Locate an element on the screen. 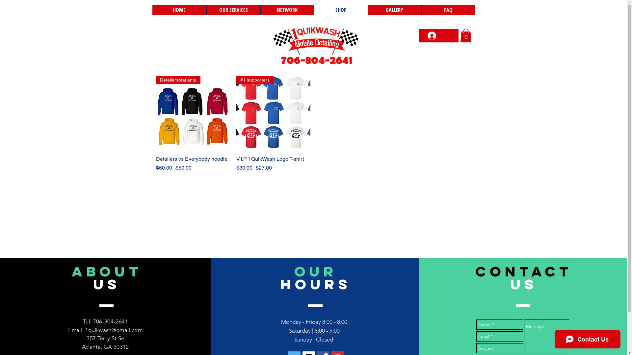 This screenshot has width=632, height=355. 'FAQ' is located at coordinates (448, 10).